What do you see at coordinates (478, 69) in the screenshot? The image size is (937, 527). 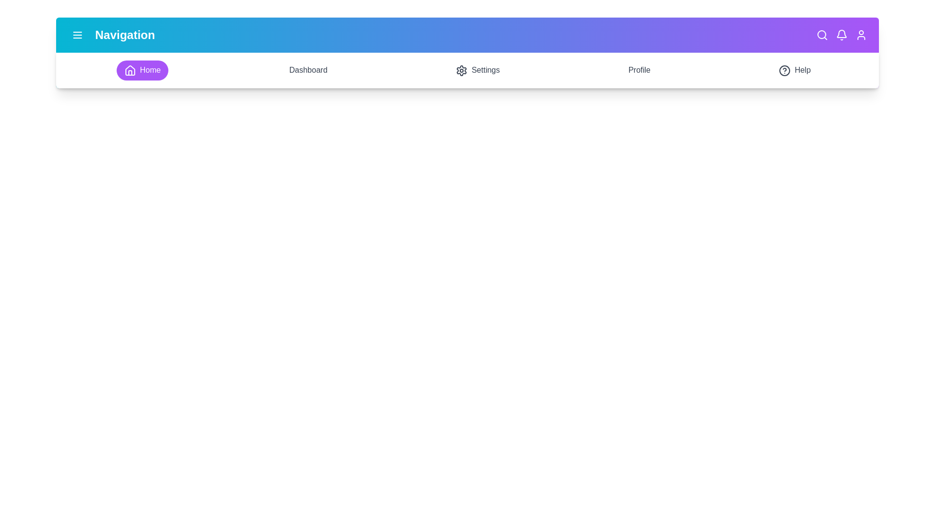 I see `the Settings section in the navigation bar` at bounding box center [478, 69].